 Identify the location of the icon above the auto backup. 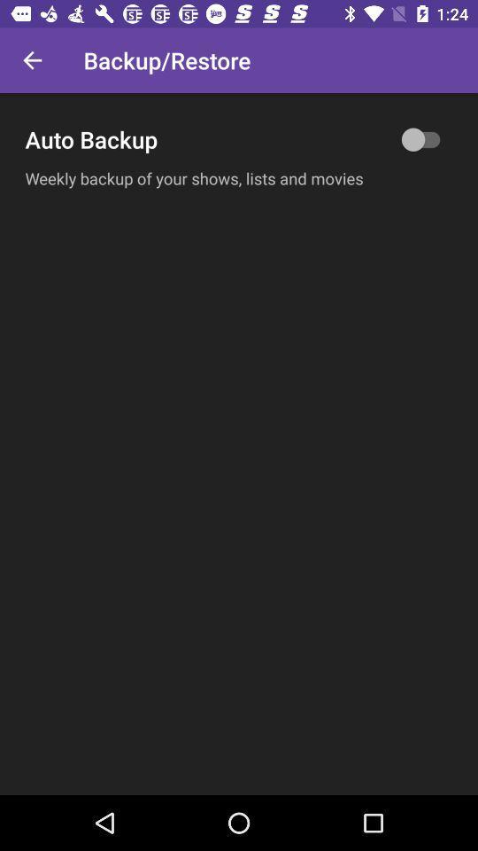
(32, 60).